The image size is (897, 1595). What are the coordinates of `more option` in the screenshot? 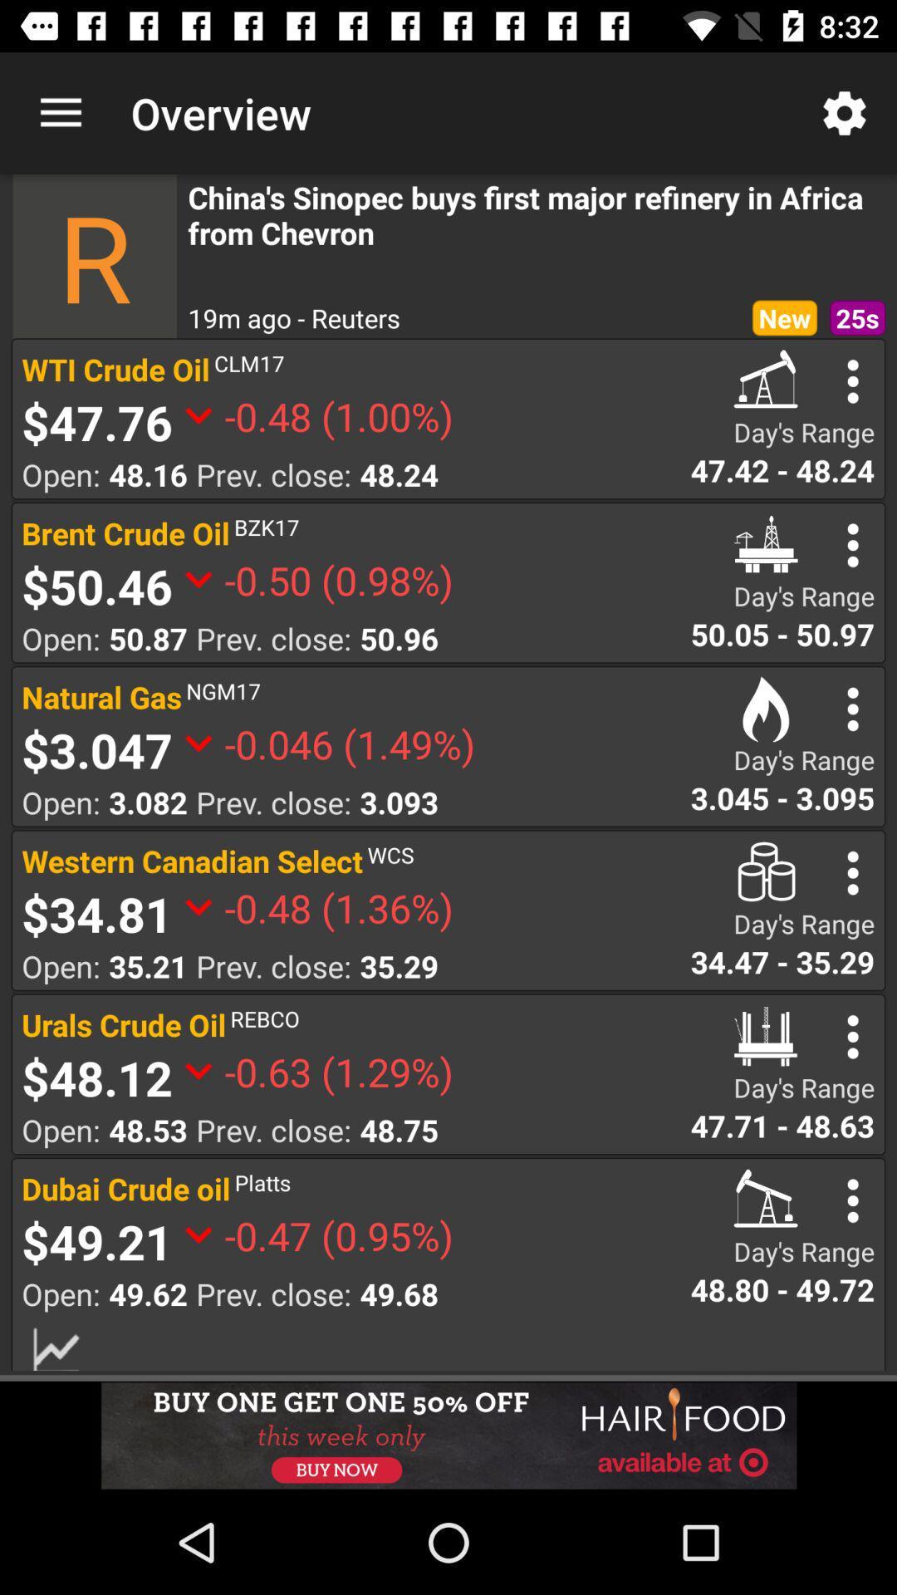 It's located at (853, 545).